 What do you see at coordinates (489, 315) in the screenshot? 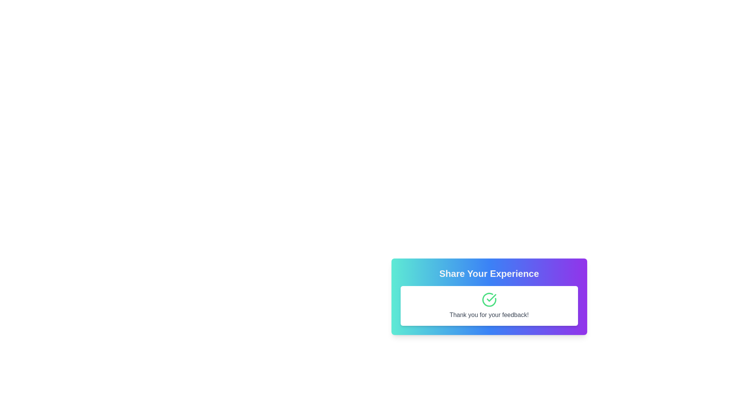
I see `the text label displaying 'Thank you for your feedback!' located at the bottom of a white card with rounded corners` at bounding box center [489, 315].